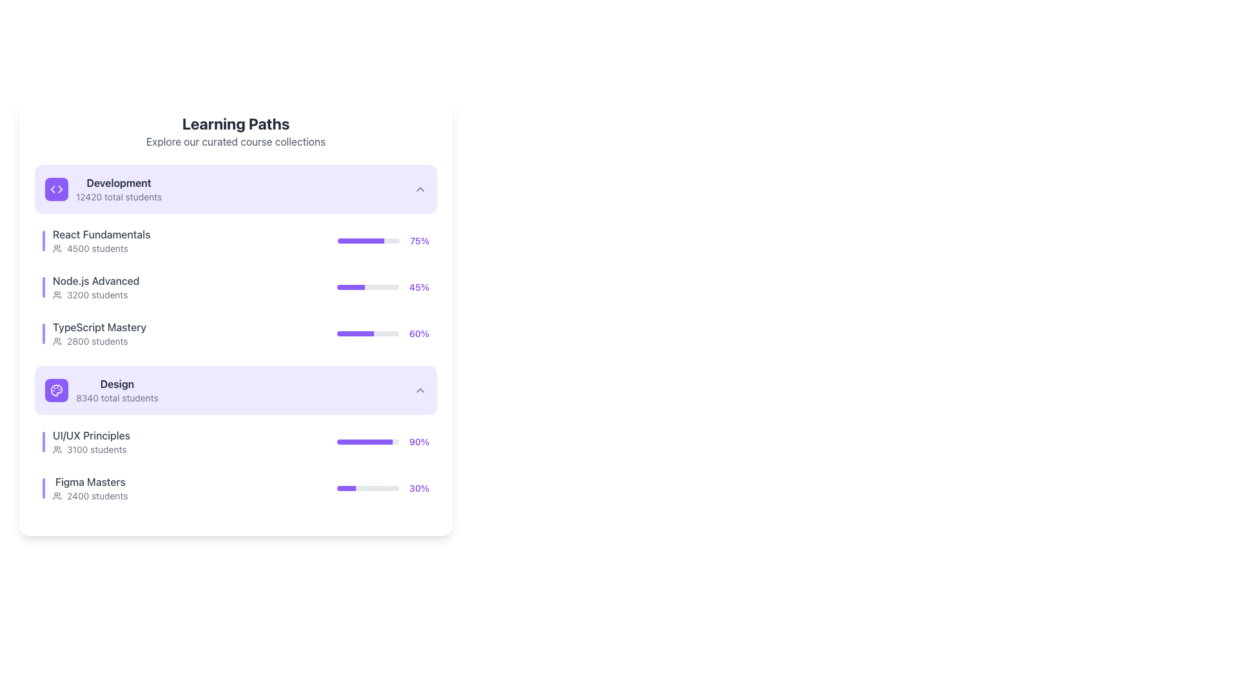 This screenshot has height=696, width=1238. I want to click on text label displaying '4500 students', which is styled in gray and positioned next to a group icon in the course information for 'React Fundamentals', so click(97, 248).